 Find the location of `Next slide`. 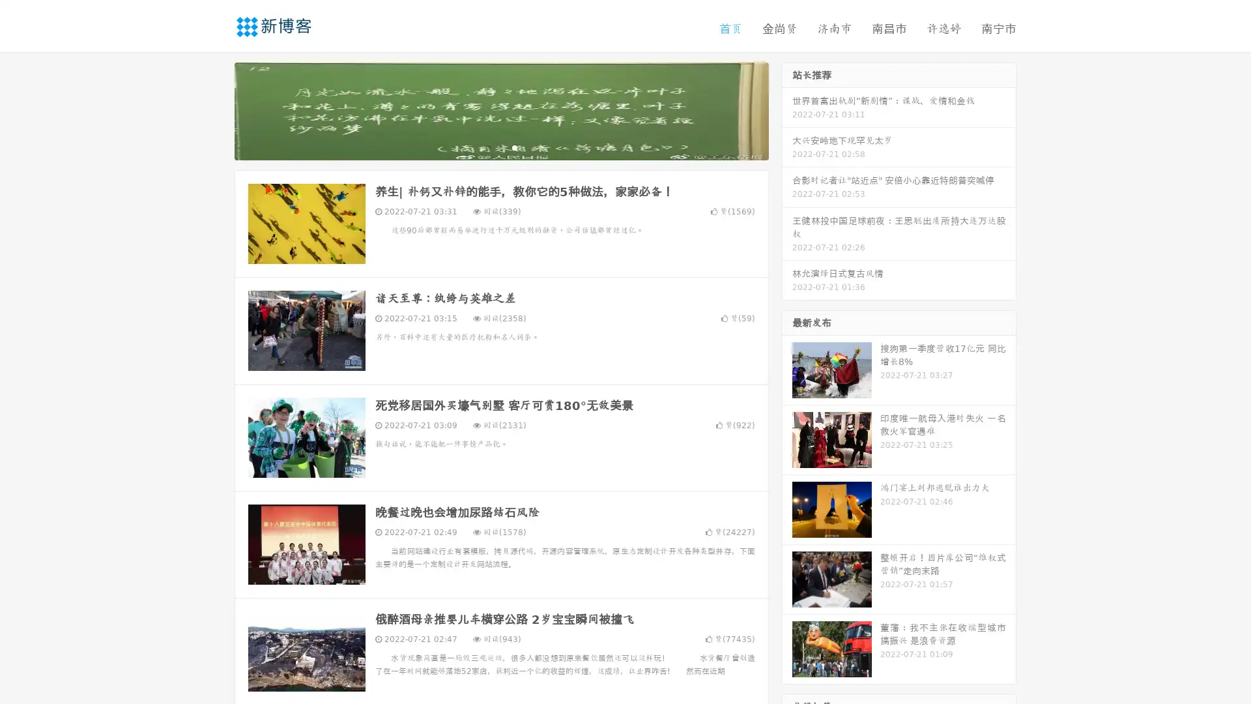

Next slide is located at coordinates (787, 110).